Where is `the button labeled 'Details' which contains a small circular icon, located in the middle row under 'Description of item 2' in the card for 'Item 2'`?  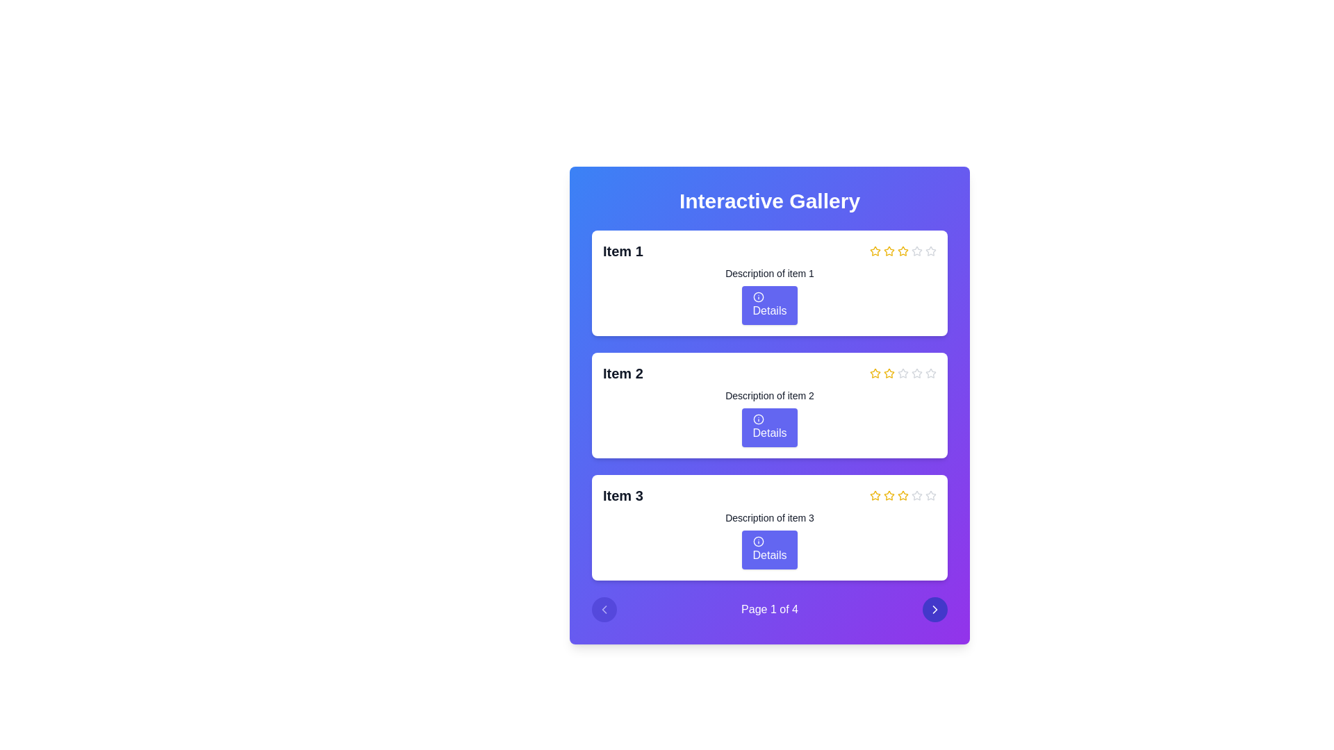 the button labeled 'Details' which contains a small circular icon, located in the middle row under 'Description of item 2' in the card for 'Item 2' is located at coordinates (757, 419).